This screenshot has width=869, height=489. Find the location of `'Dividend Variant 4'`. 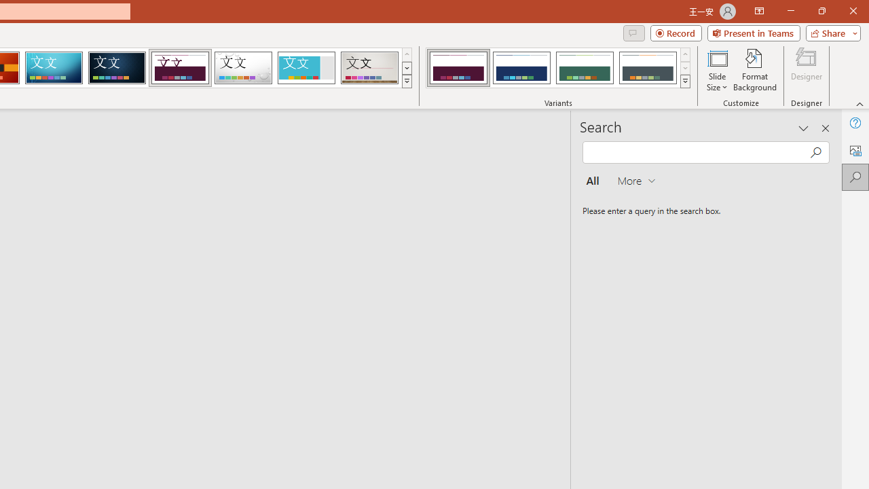

'Dividend Variant 4' is located at coordinates (647, 68).